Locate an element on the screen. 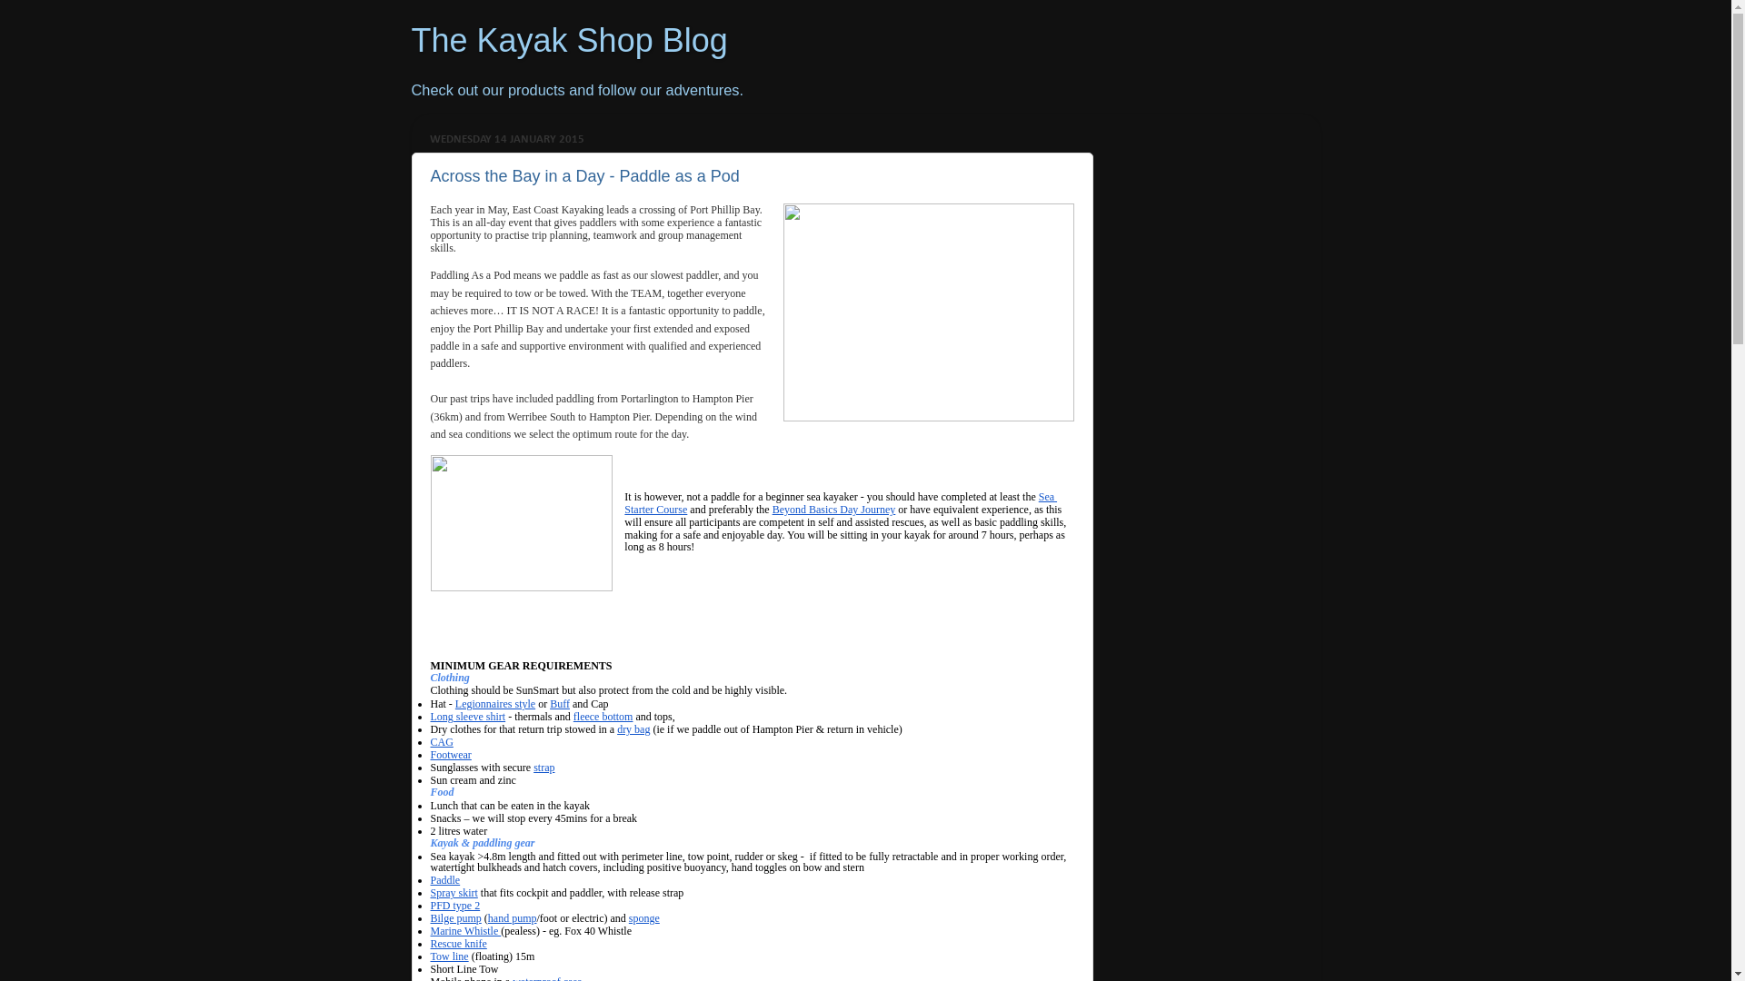 This screenshot has width=1745, height=981. 'PFD type 2' is located at coordinates (455, 905).